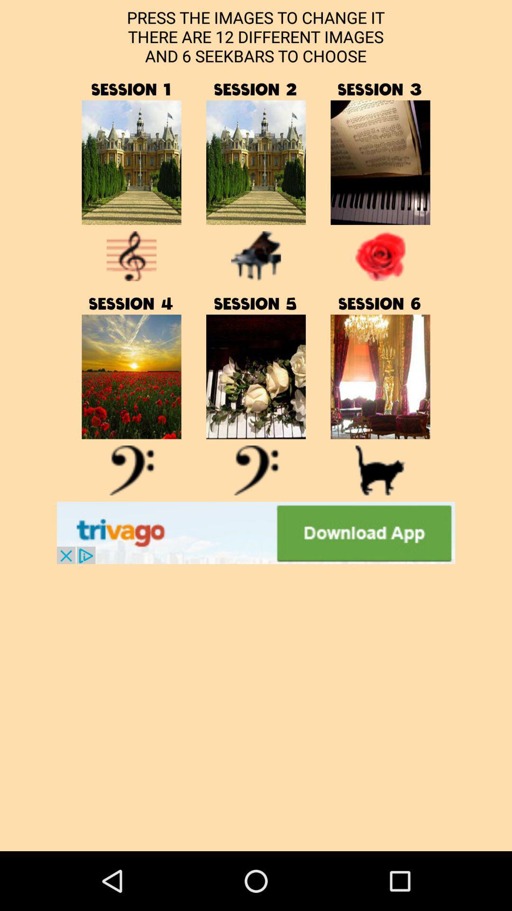 This screenshot has width=512, height=911. I want to click on advertisement, so click(256, 533).